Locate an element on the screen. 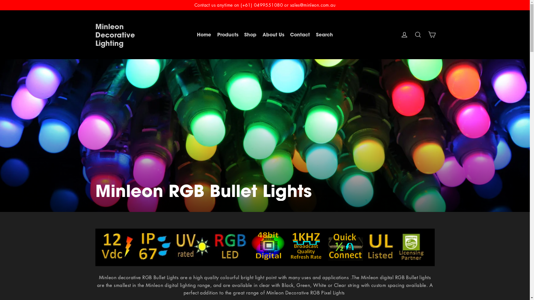  'Skip to content' is located at coordinates (0, 0).